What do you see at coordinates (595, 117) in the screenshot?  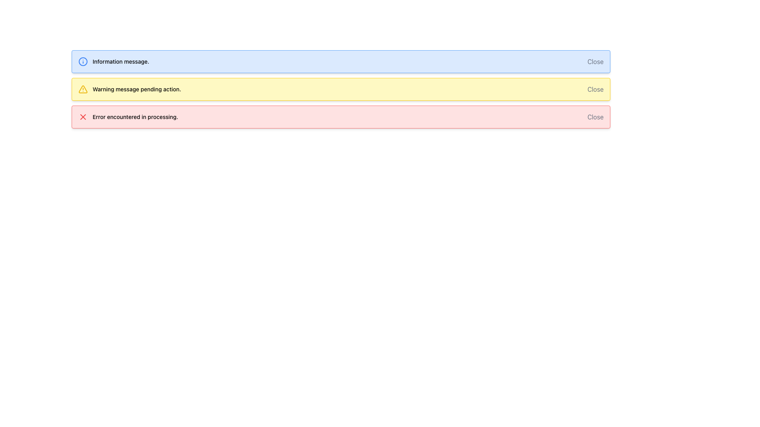 I see `the close button located at the far-right side of the error message panel to change its text color` at bounding box center [595, 117].